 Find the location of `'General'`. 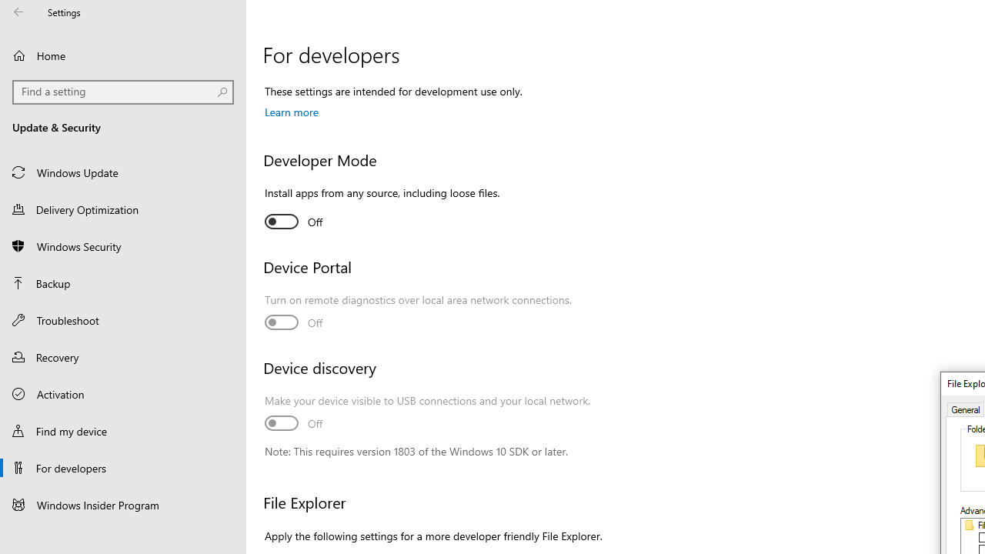

'General' is located at coordinates (965, 408).